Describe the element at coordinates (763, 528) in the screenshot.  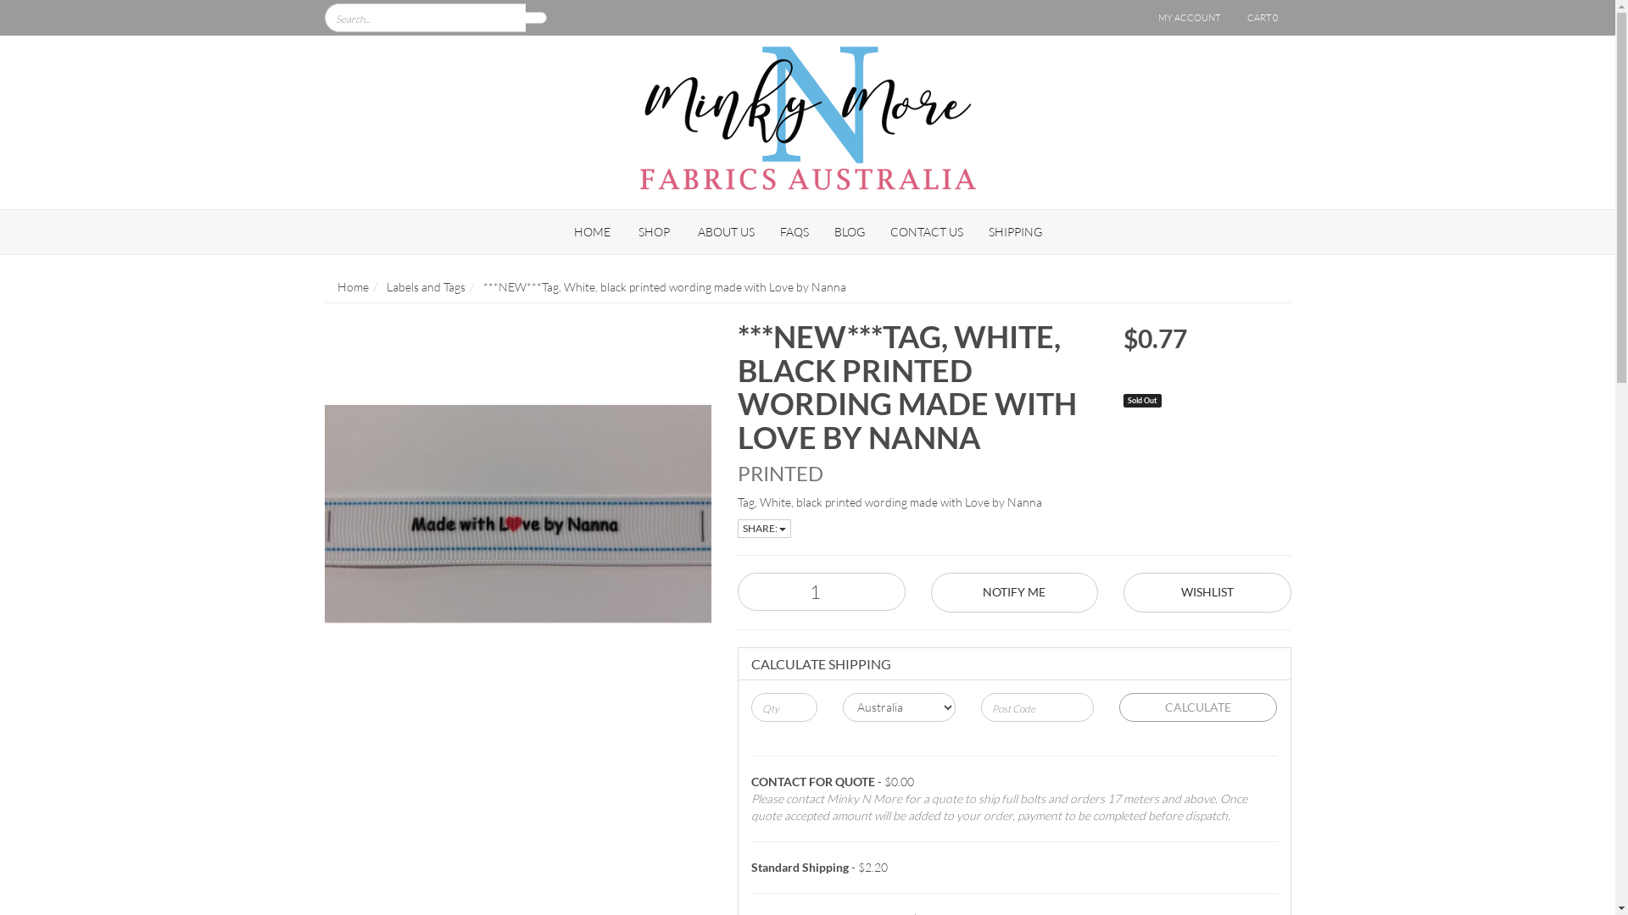
I see `'SHARE:'` at that location.